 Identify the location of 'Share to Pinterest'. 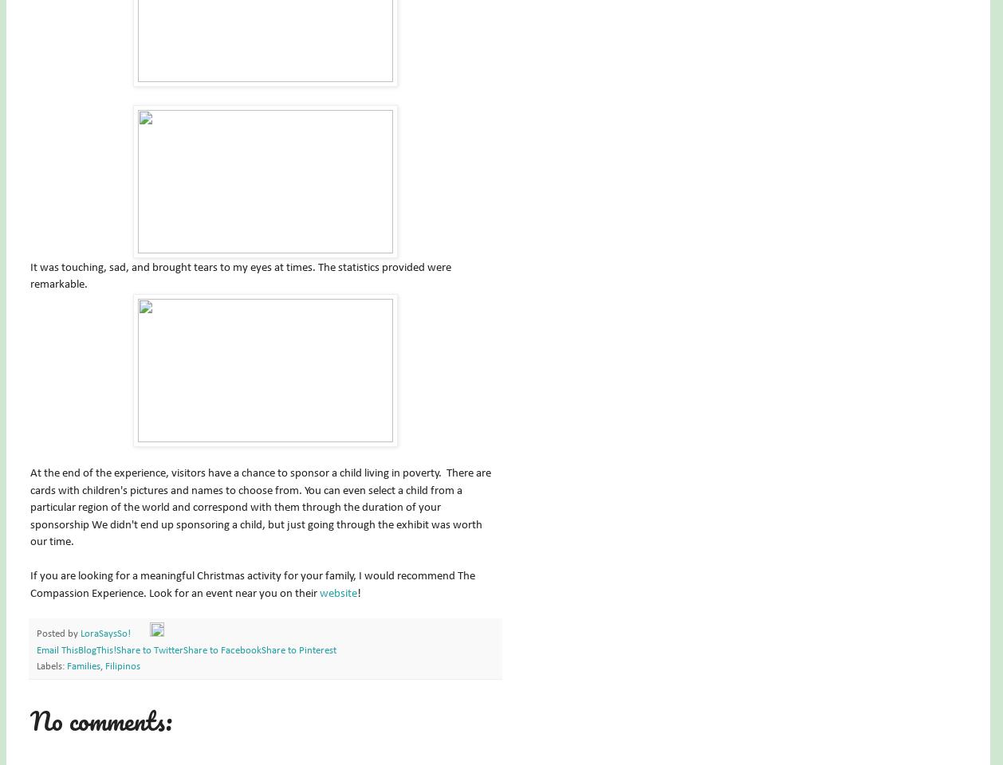
(298, 650).